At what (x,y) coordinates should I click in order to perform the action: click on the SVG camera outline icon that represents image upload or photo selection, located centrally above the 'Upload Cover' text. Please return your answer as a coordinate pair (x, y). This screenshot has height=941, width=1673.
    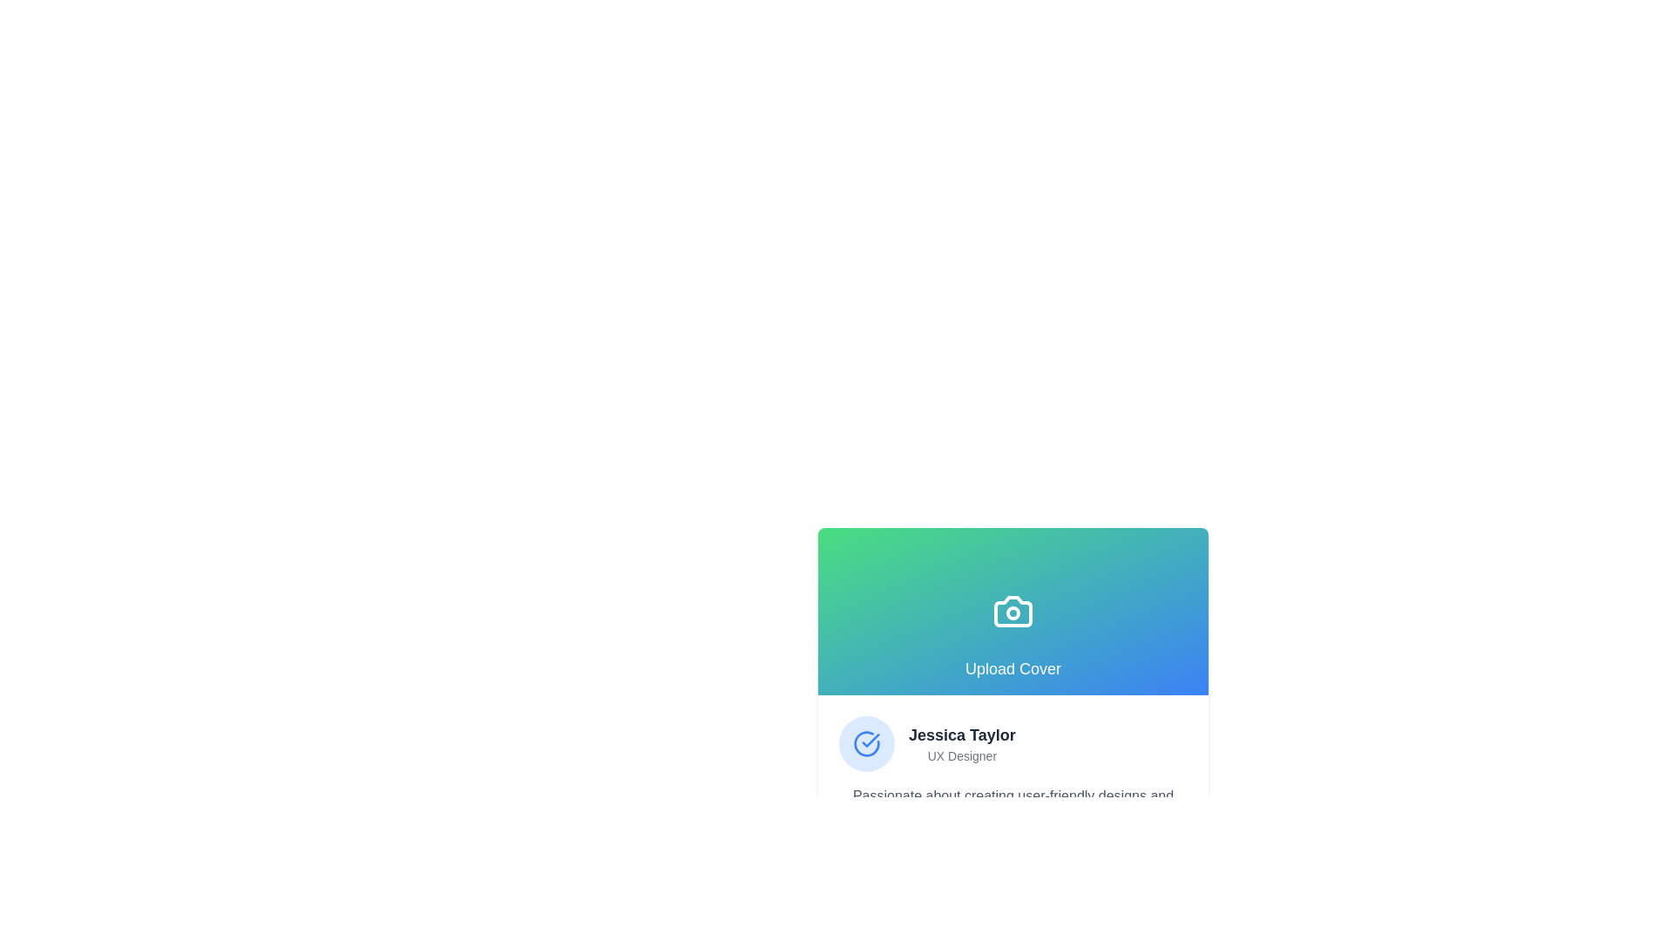
    Looking at the image, I should click on (1013, 611).